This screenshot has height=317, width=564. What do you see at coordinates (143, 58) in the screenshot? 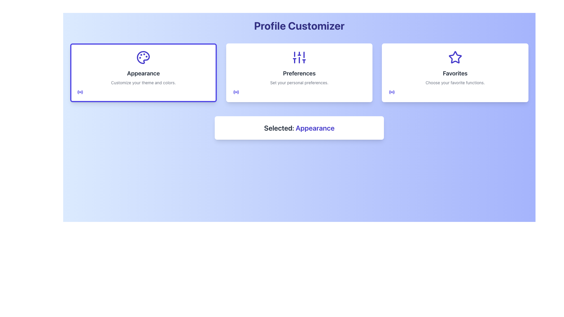
I see `the painter's palette icon, which is indigo with a thumb hole and four paint dabs, located at the top center of the 'Appearance' card` at bounding box center [143, 58].